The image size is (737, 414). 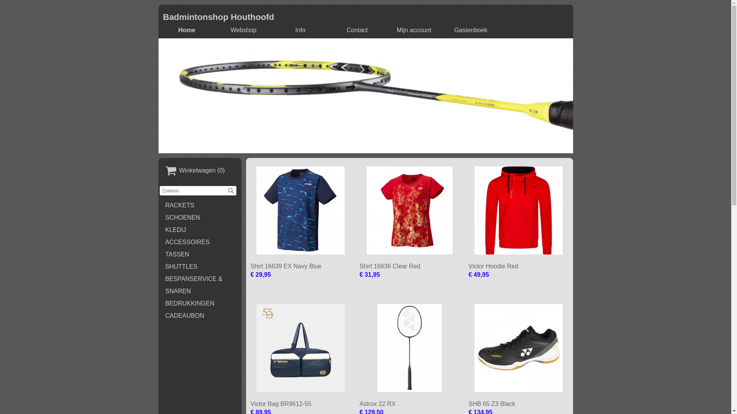 What do you see at coordinates (444, 30) in the screenshot?
I see `'Gastenboek'` at bounding box center [444, 30].